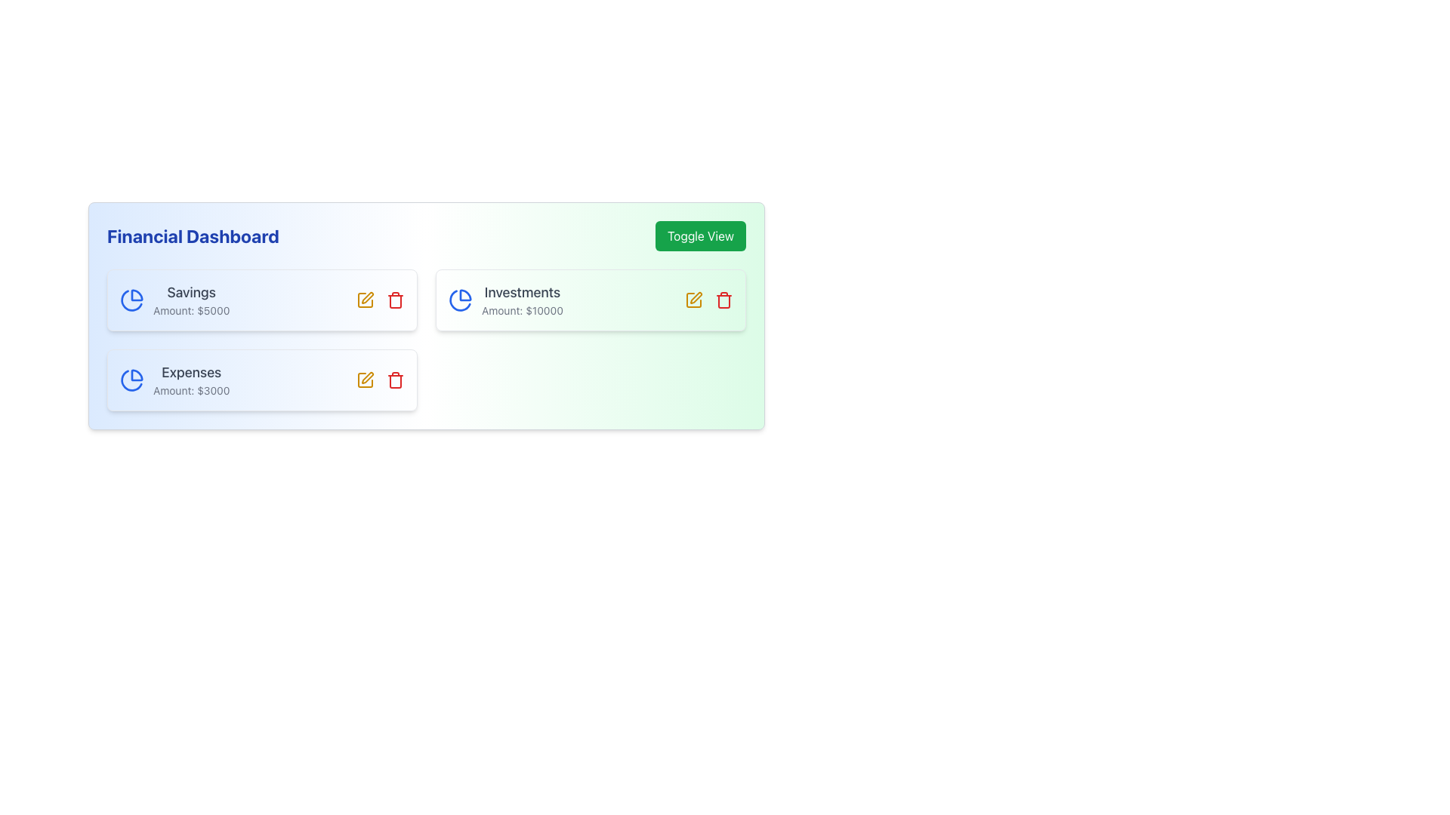 The image size is (1450, 815). What do you see at coordinates (190, 300) in the screenshot?
I see `text displayed in the Text Display Component showing the title 'Savings' and the amount '$5000', located below the 'Financial Dashboard' label and to the right of the pie chart icon` at bounding box center [190, 300].